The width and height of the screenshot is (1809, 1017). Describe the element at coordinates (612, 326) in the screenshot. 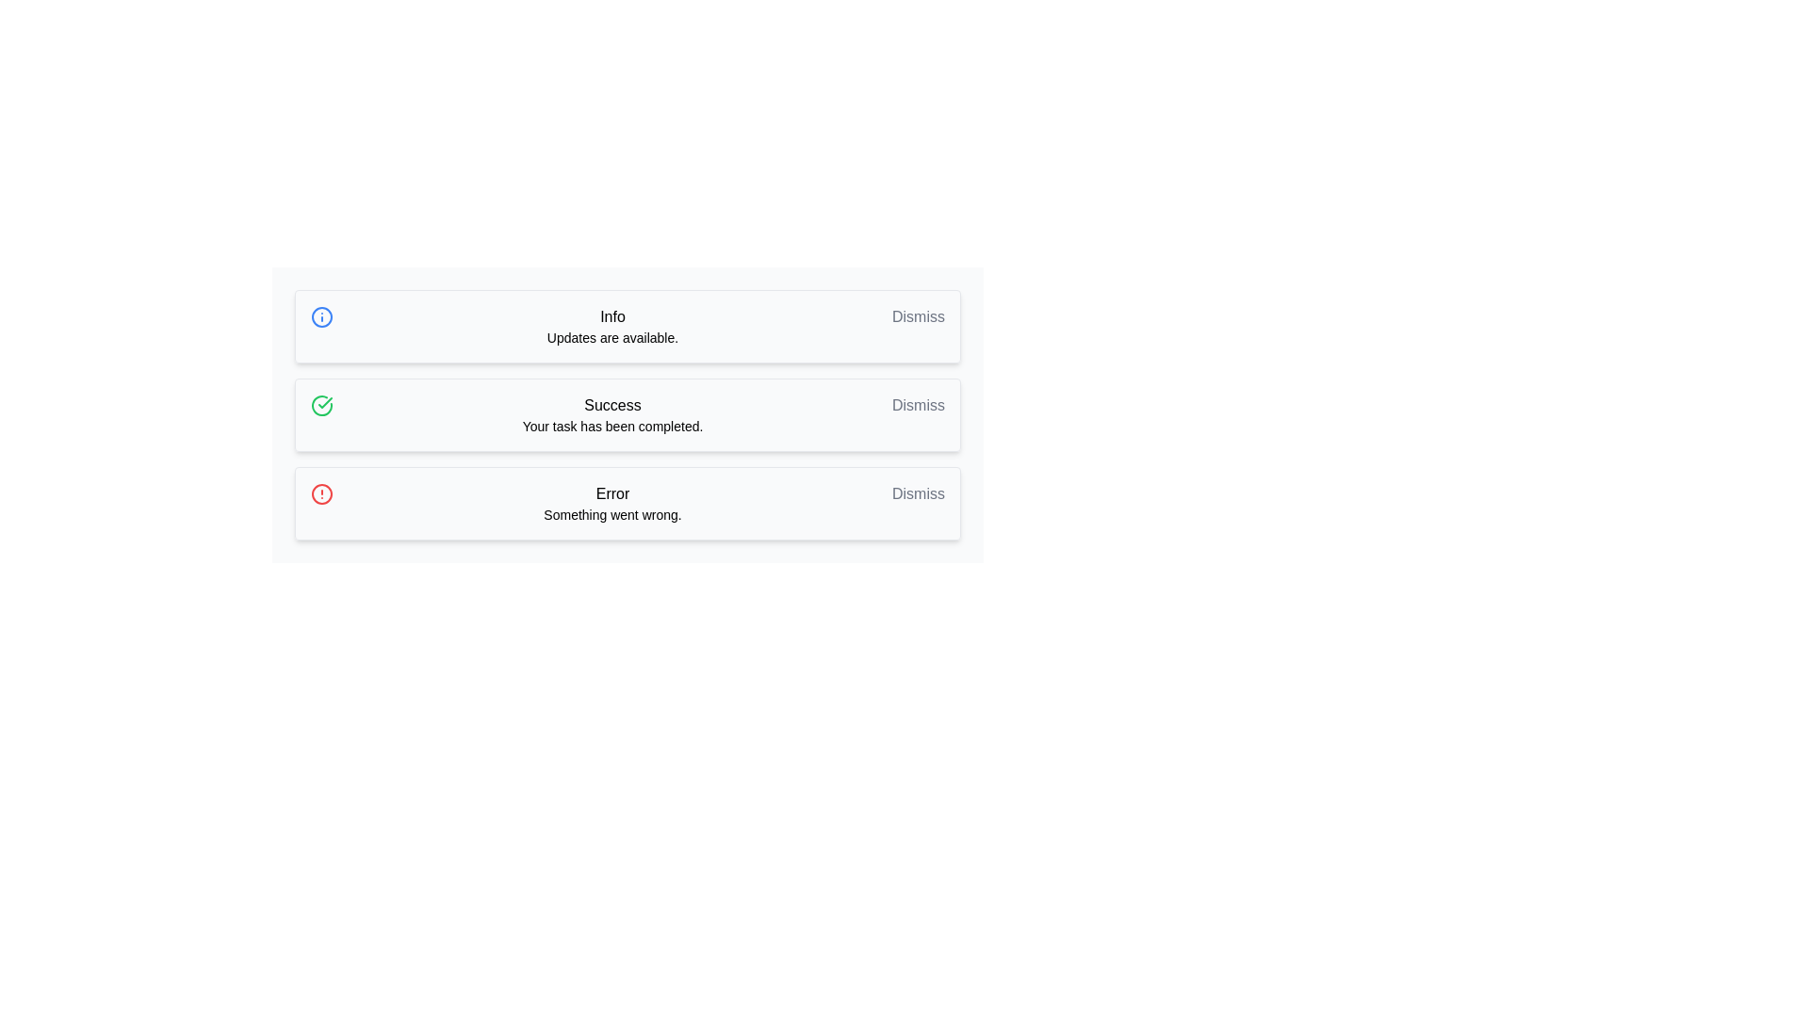

I see `the first notification box at the top of the column that provides updates to the user` at that location.